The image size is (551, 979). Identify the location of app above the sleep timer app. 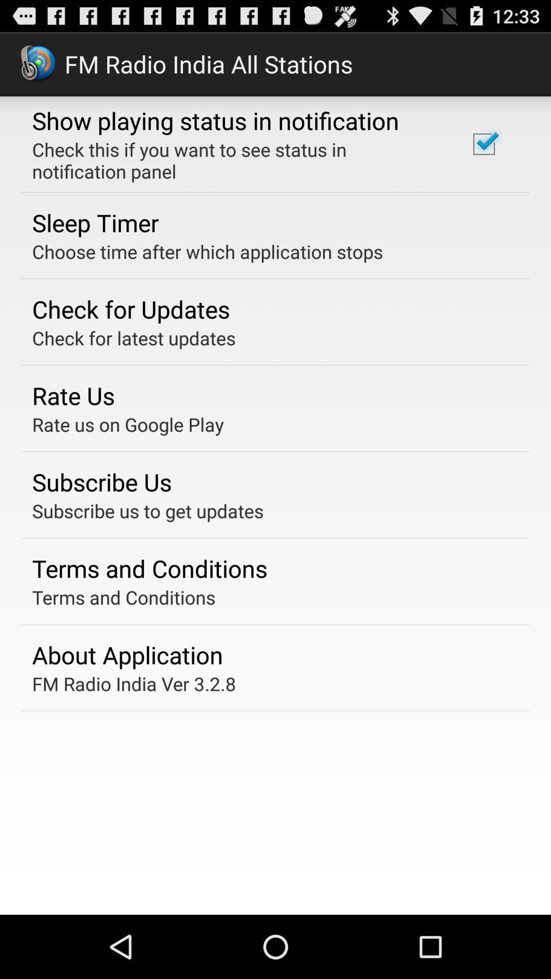
(236, 160).